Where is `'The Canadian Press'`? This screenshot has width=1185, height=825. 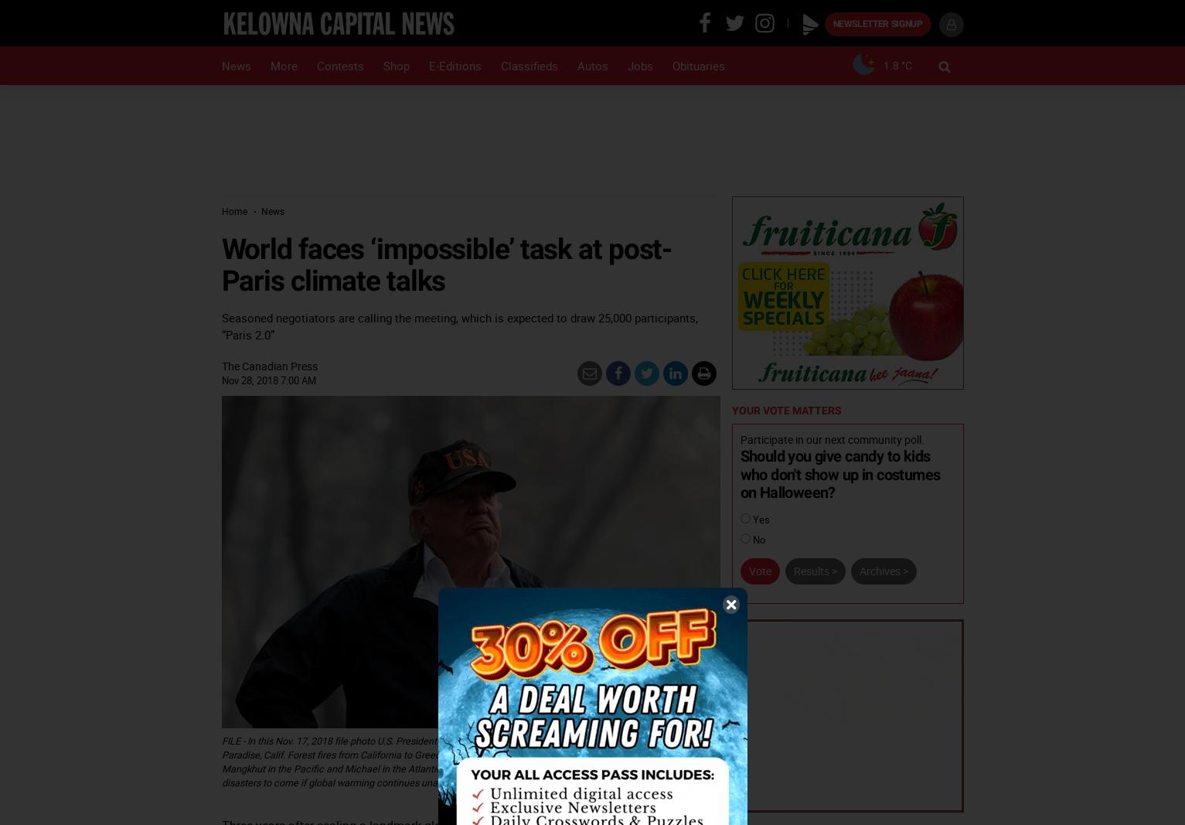
'The Canadian Press' is located at coordinates (221, 364).